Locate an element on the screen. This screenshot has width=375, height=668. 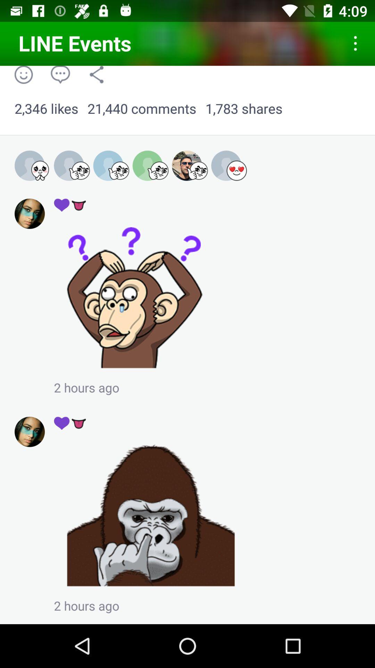
the app next to 21,440 comments is located at coordinates (243, 109).